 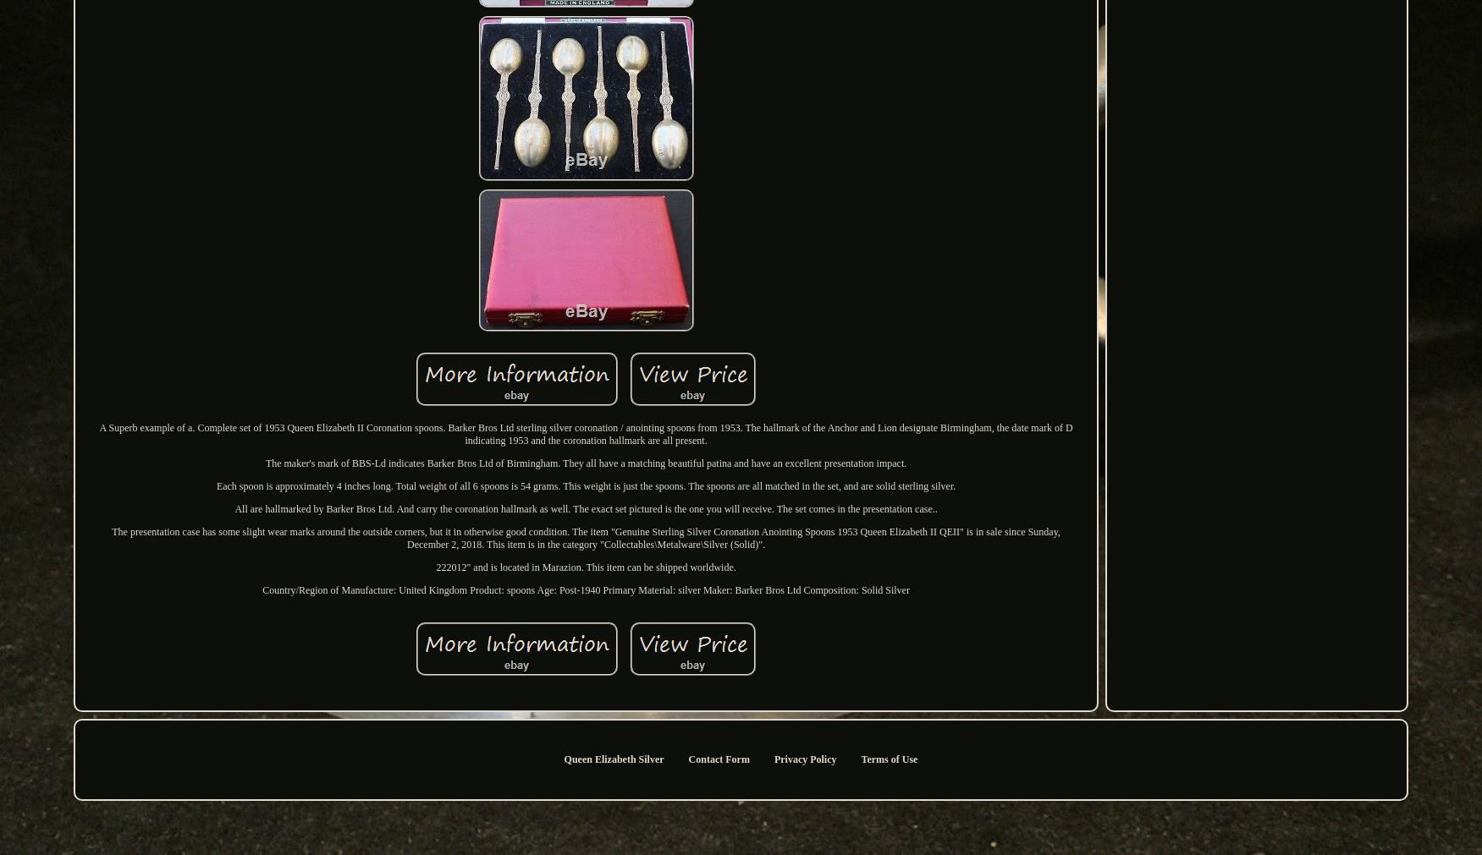 What do you see at coordinates (563, 759) in the screenshot?
I see `'Queen Elizabeth Silver'` at bounding box center [563, 759].